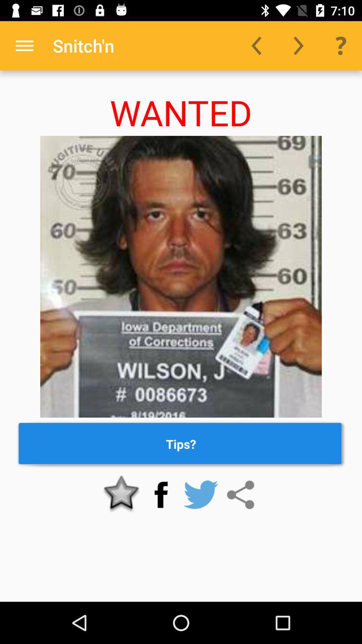 The width and height of the screenshot is (362, 644). I want to click on the facebook icon, so click(161, 495).